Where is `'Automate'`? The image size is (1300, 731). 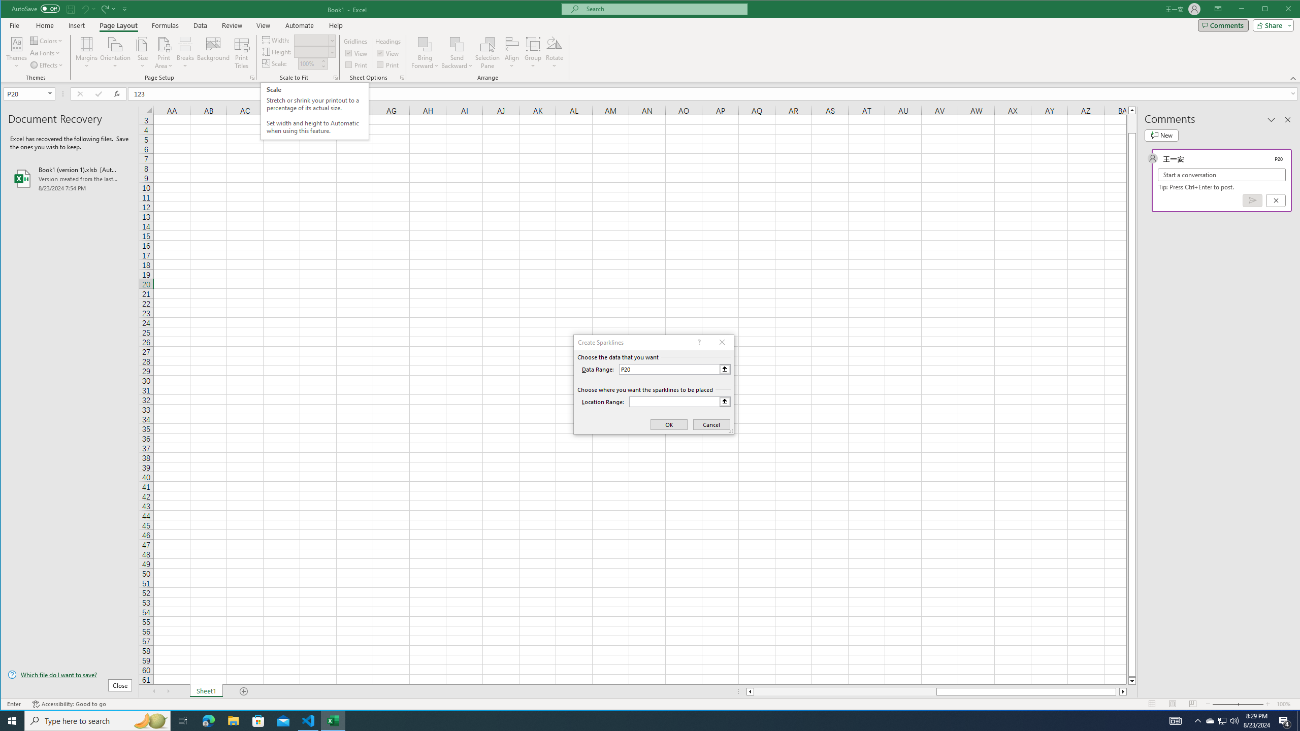
'Automate' is located at coordinates (300, 25).